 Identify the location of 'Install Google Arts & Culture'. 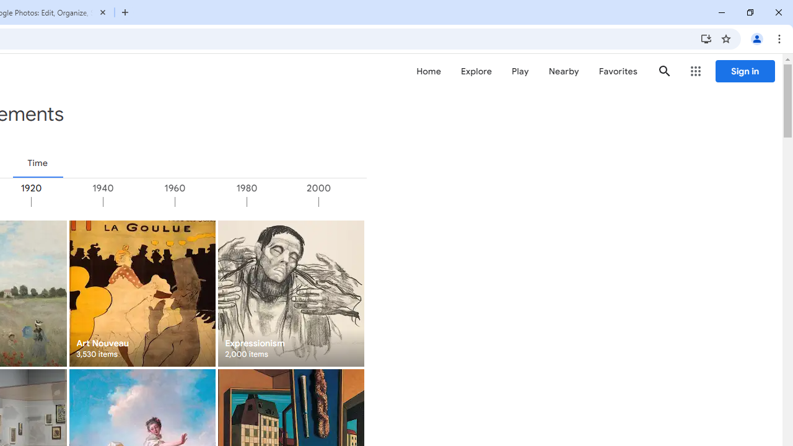
(706, 38).